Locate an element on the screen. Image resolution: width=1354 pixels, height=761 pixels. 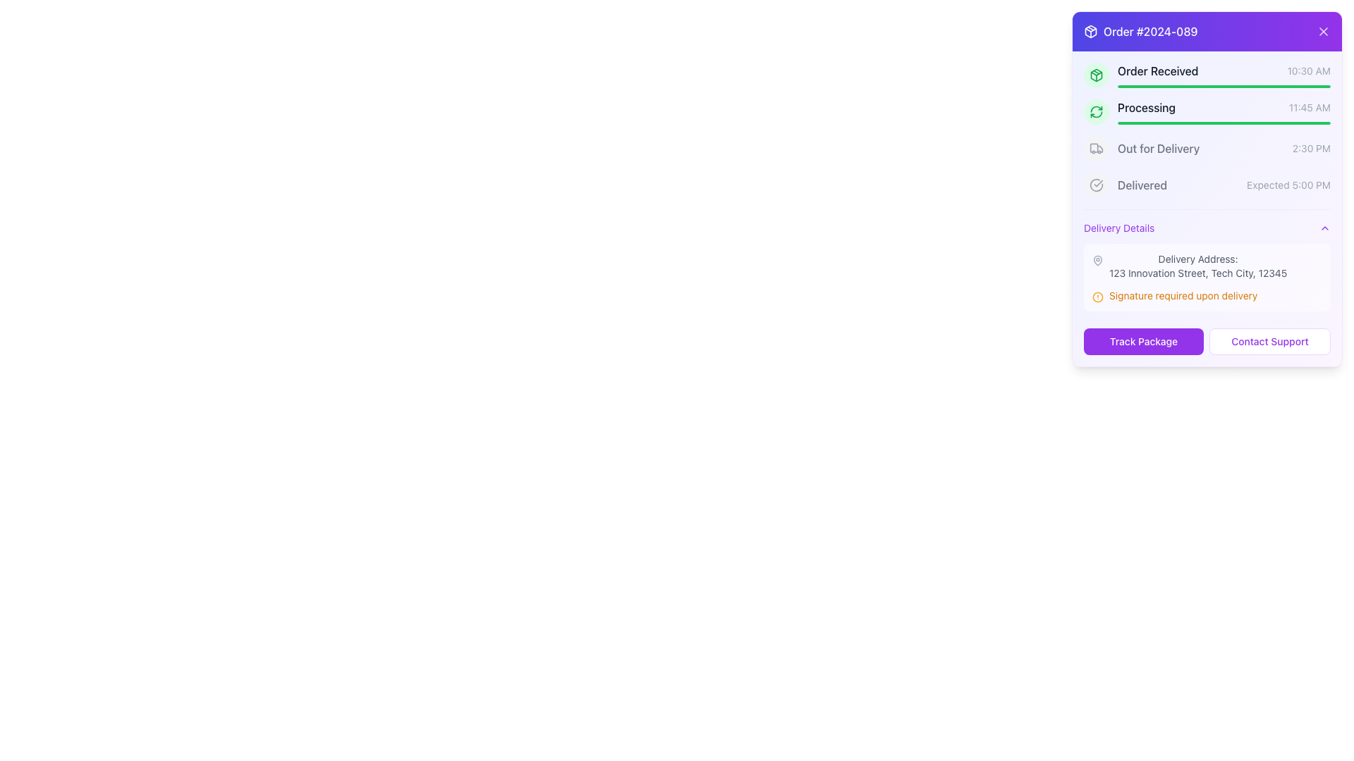
the timeline step displaying 'Processing' status, which is the second item in the vertical list of timeline steps is located at coordinates (1207, 111).